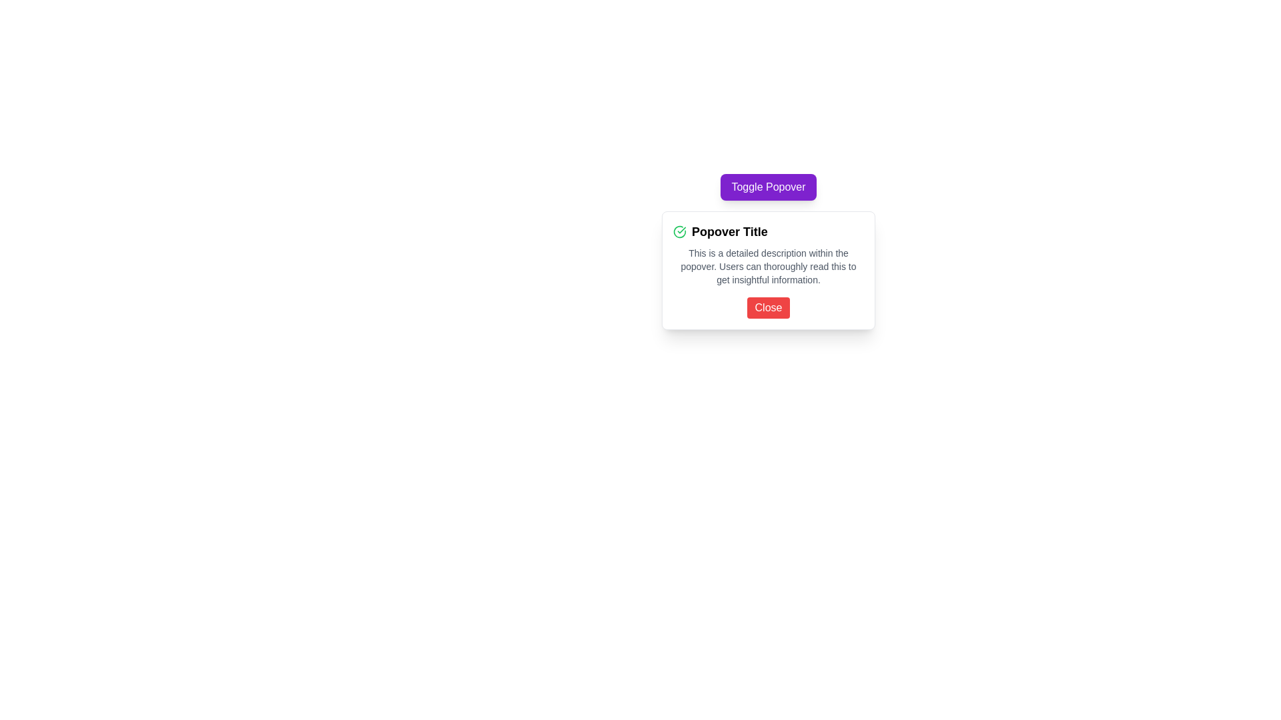 The image size is (1281, 720). I want to click on the rectangular button with a red background and white text 'Close' to observe the hover effect, so click(769, 308).